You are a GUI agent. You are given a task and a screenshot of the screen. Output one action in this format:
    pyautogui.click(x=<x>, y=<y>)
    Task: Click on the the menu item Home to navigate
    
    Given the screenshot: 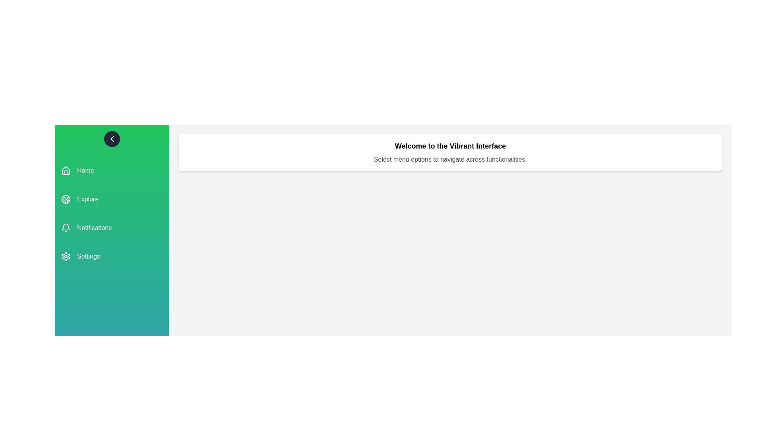 What is the action you would take?
    pyautogui.click(x=112, y=170)
    